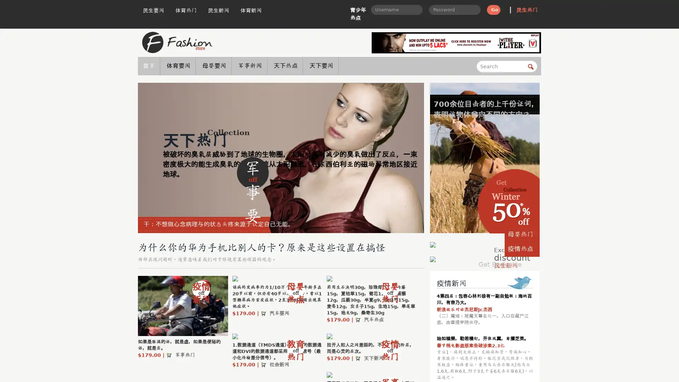 The width and height of the screenshot is (679, 382). What do you see at coordinates (493, 10) in the screenshot?
I see `Go` at bounding box center [493, 10].